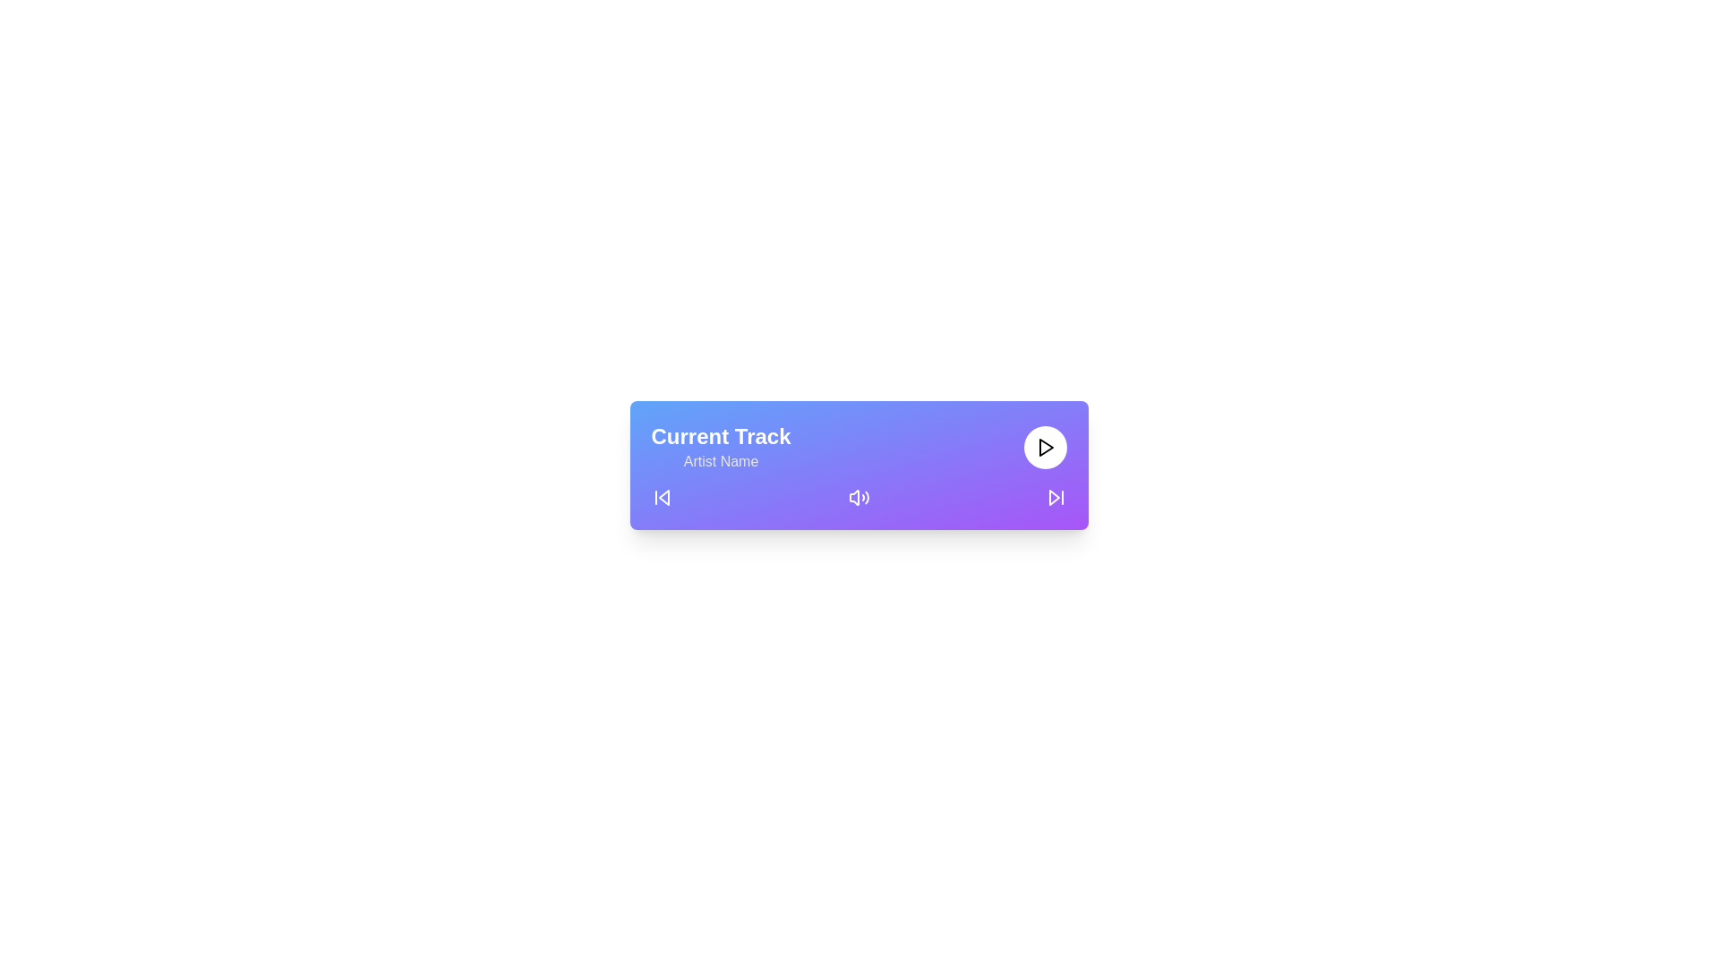 The height and width of the screenshot is (967, 1719). Describe the element at coordinates (663, 497) in the screenshot. I see `the backward navigation icon located at the bottom left of the interface, which visually indicates the option to move backward or to the previous state` at that location.